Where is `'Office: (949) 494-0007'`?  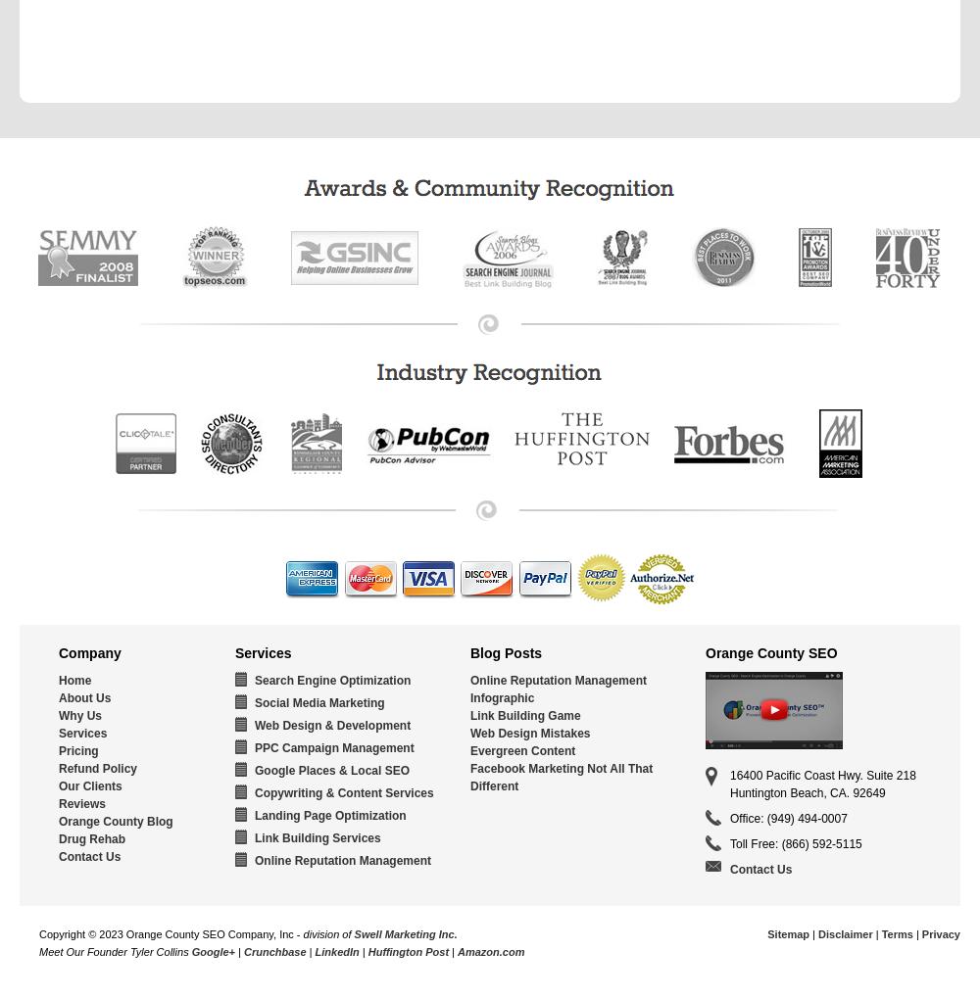 'Office: (949) 494-0007' is located at coordinates (788, 818).